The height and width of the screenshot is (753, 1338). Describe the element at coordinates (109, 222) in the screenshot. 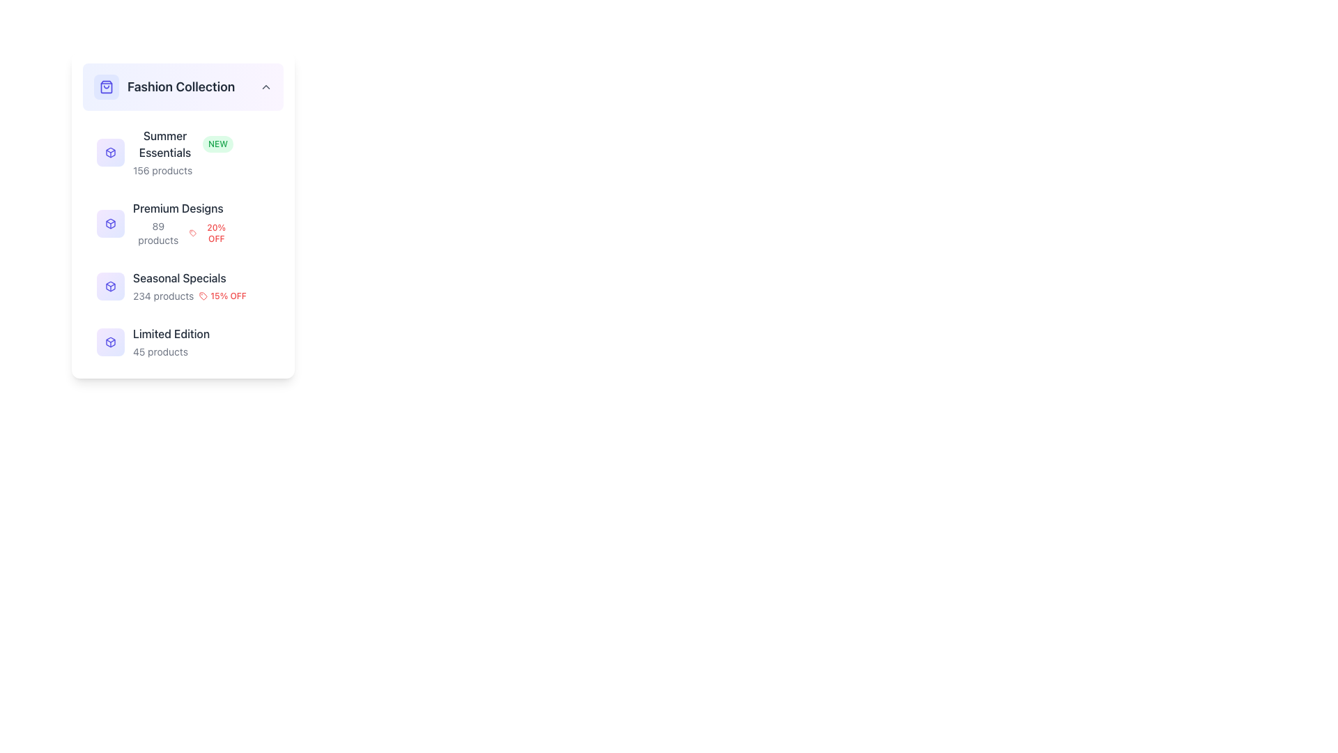

I see `the blue cube SVG icon located within the circular area under the 'Fashion Collection' heading, next to the text 'Premium Designs'` at that location.